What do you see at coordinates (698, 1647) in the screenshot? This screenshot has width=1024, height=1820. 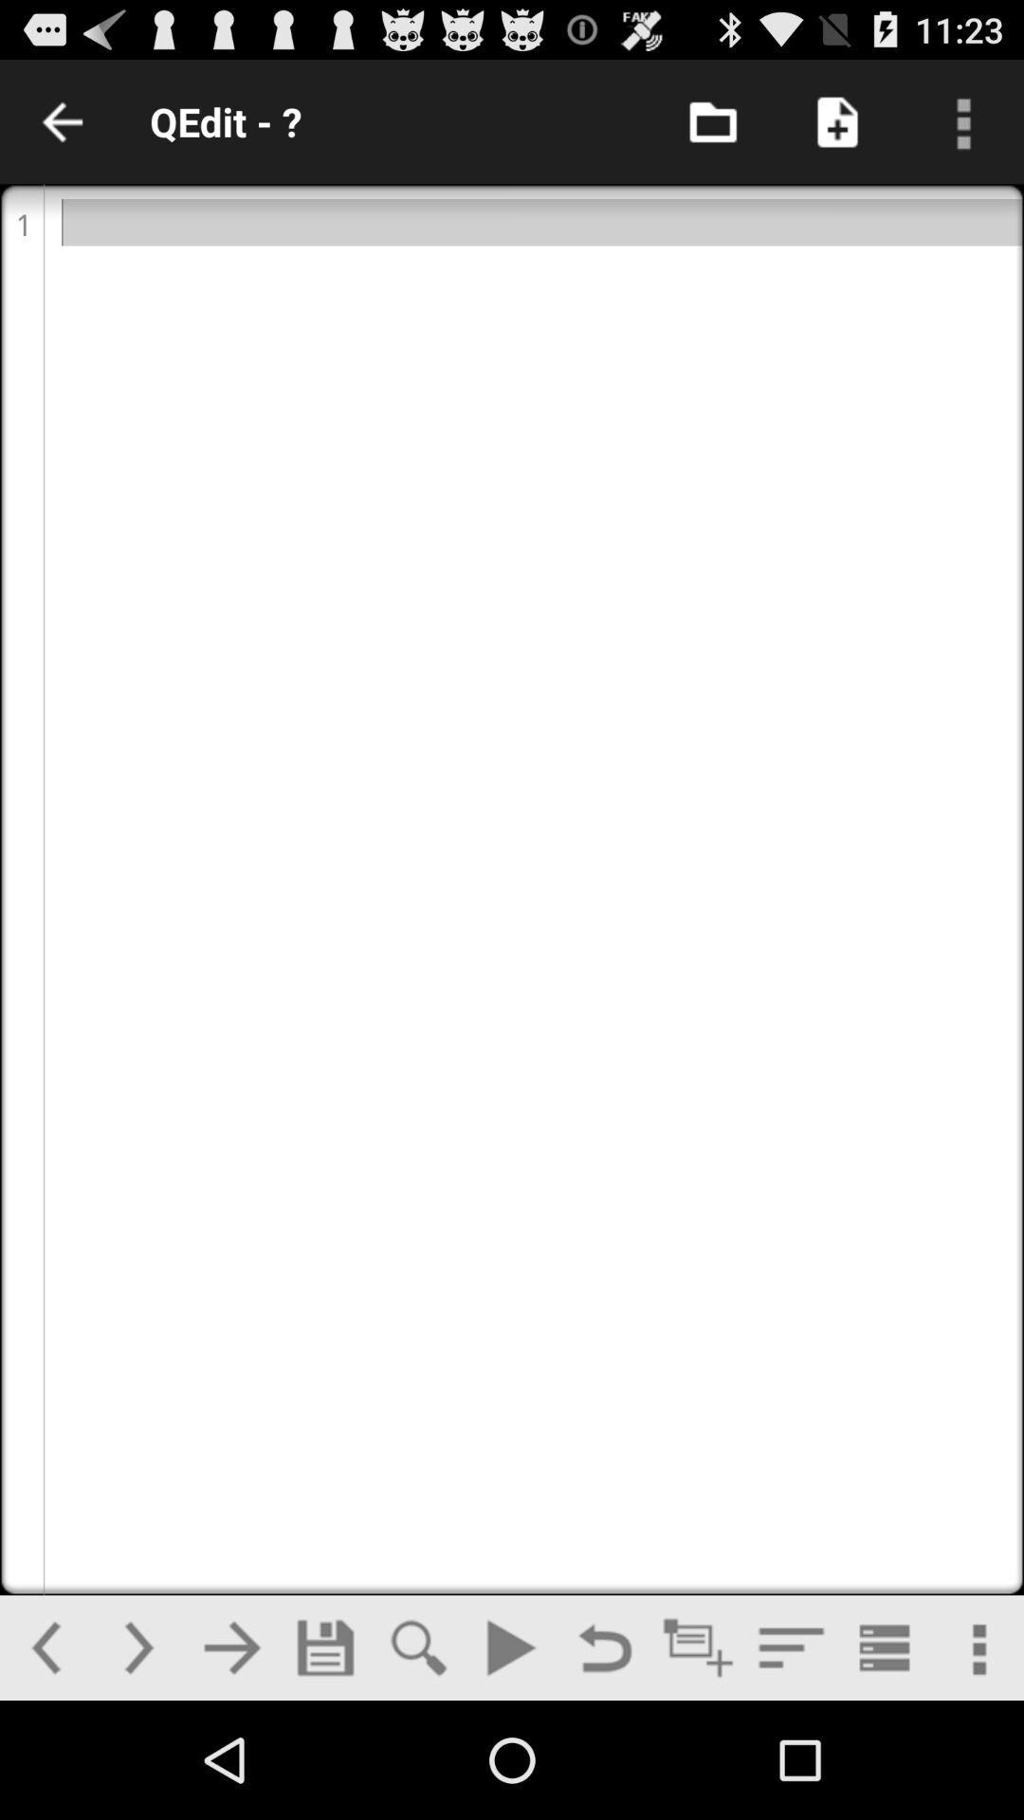 I see `text field` at bounding box center [698, 1647].